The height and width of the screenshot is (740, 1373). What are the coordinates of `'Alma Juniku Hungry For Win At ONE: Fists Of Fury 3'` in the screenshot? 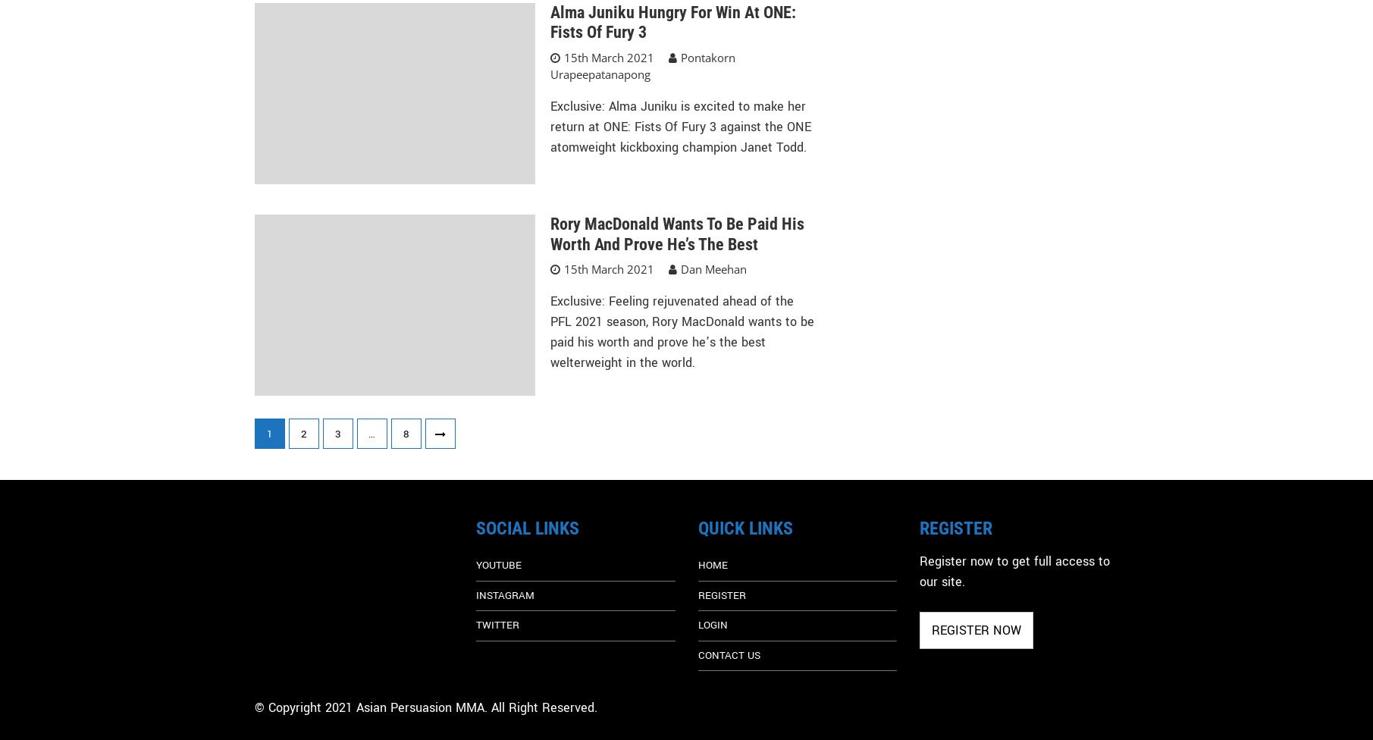 It's located at (672, 22).